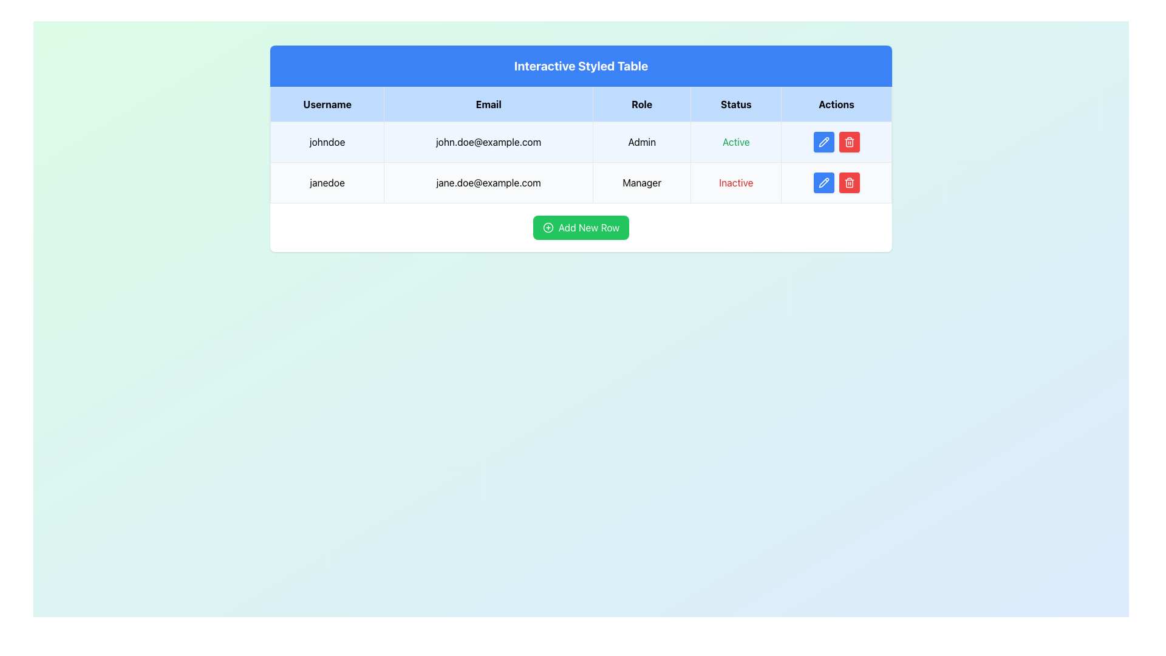  What do you see at coordinates (327, 182) in the screenshot?
I see `the username entry Text label located in the second row, first column of the data table, positioned below 'johndoe' and next to 'jane.doe@example.com'` at bounding box center [327, 182].